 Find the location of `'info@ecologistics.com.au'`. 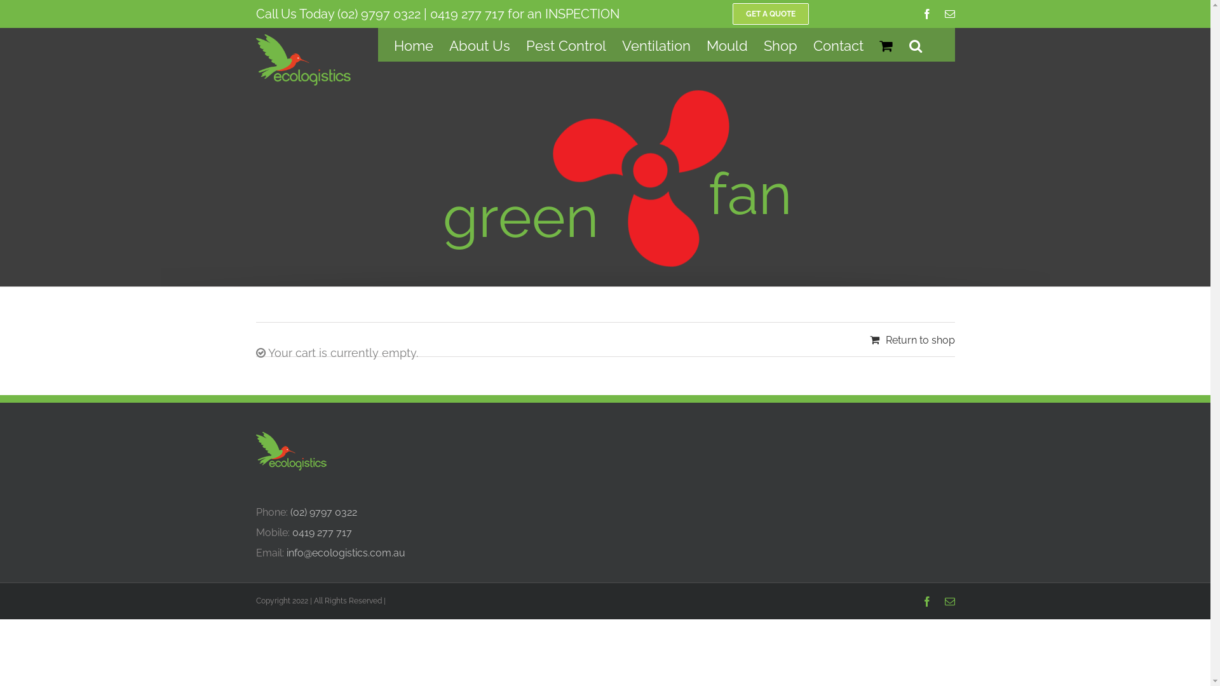

'info@ecologistics.com.au' is located at coordinates (345, 552).